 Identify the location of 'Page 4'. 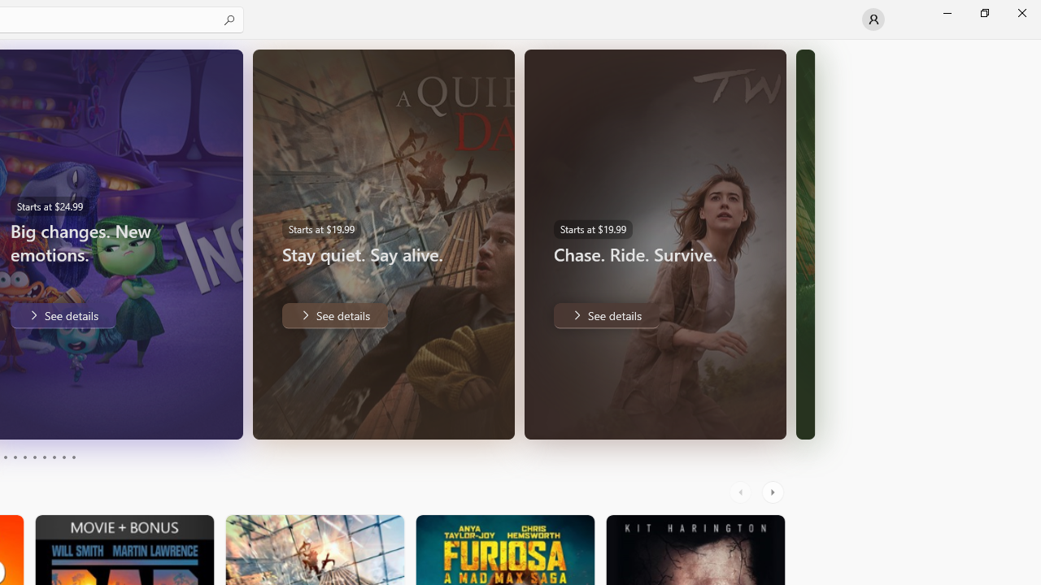
(14, 457).